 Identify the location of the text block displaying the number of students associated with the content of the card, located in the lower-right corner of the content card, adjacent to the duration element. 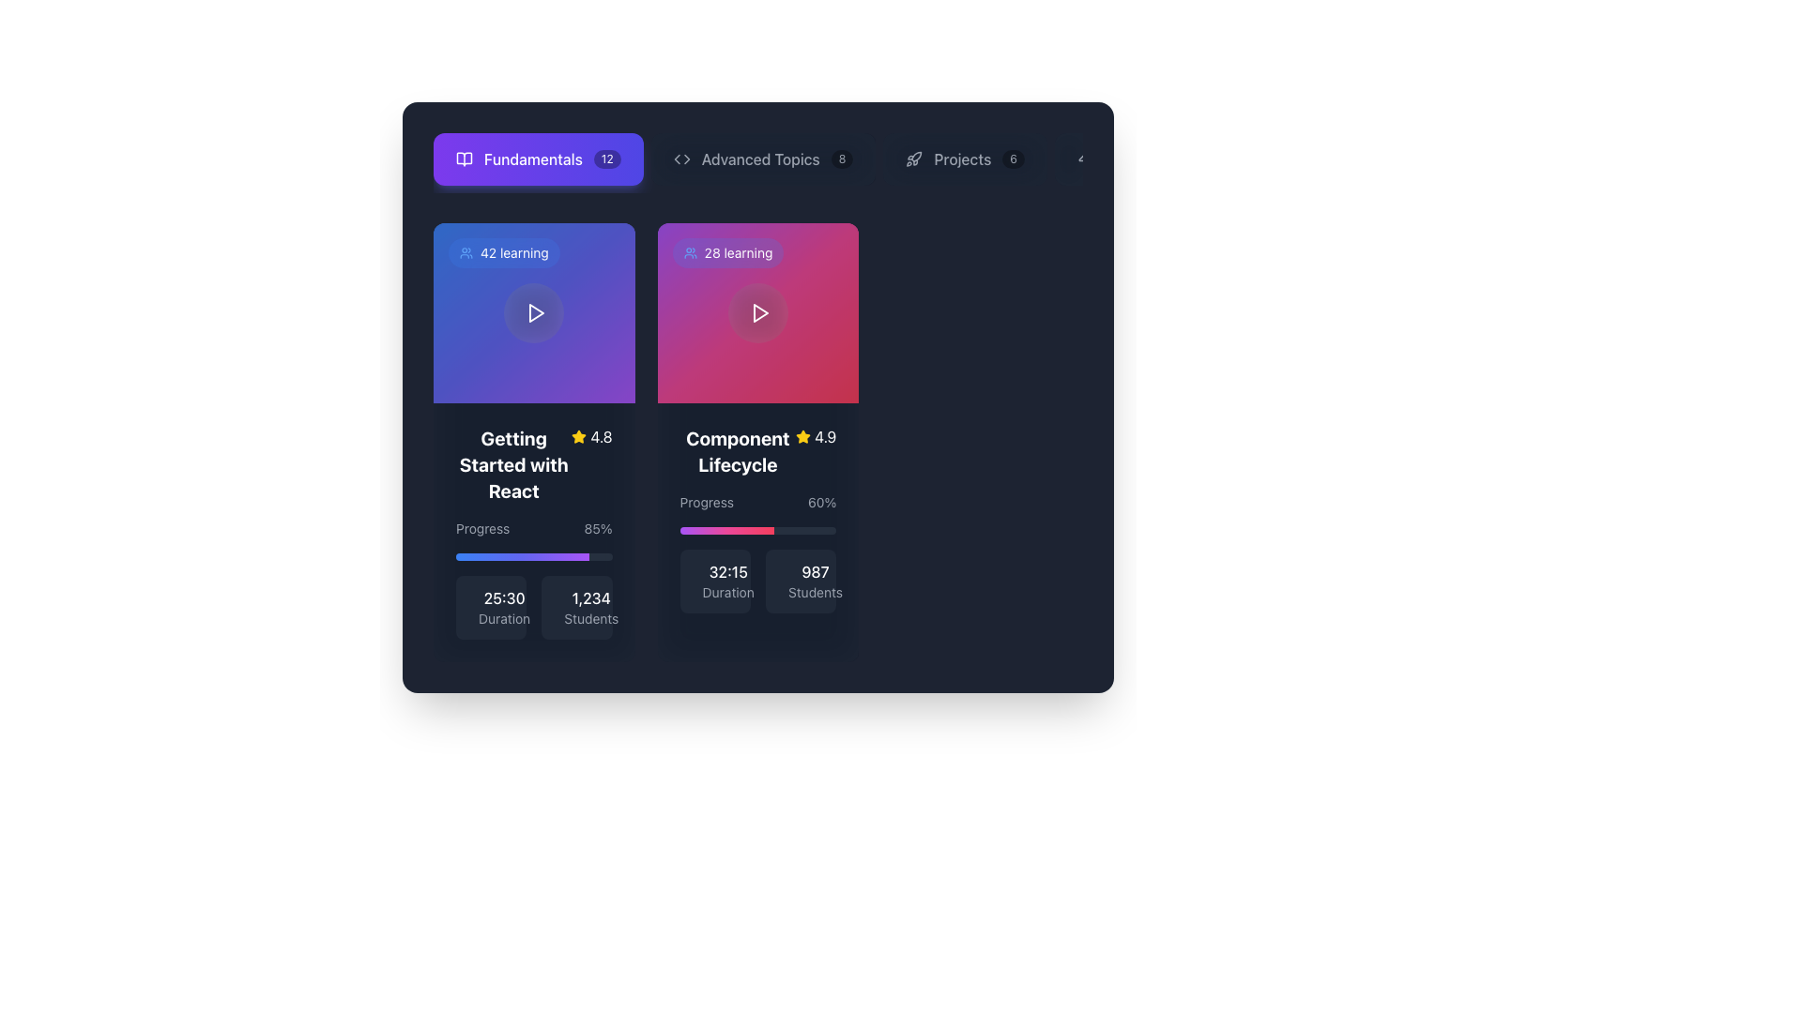
(590, 608).